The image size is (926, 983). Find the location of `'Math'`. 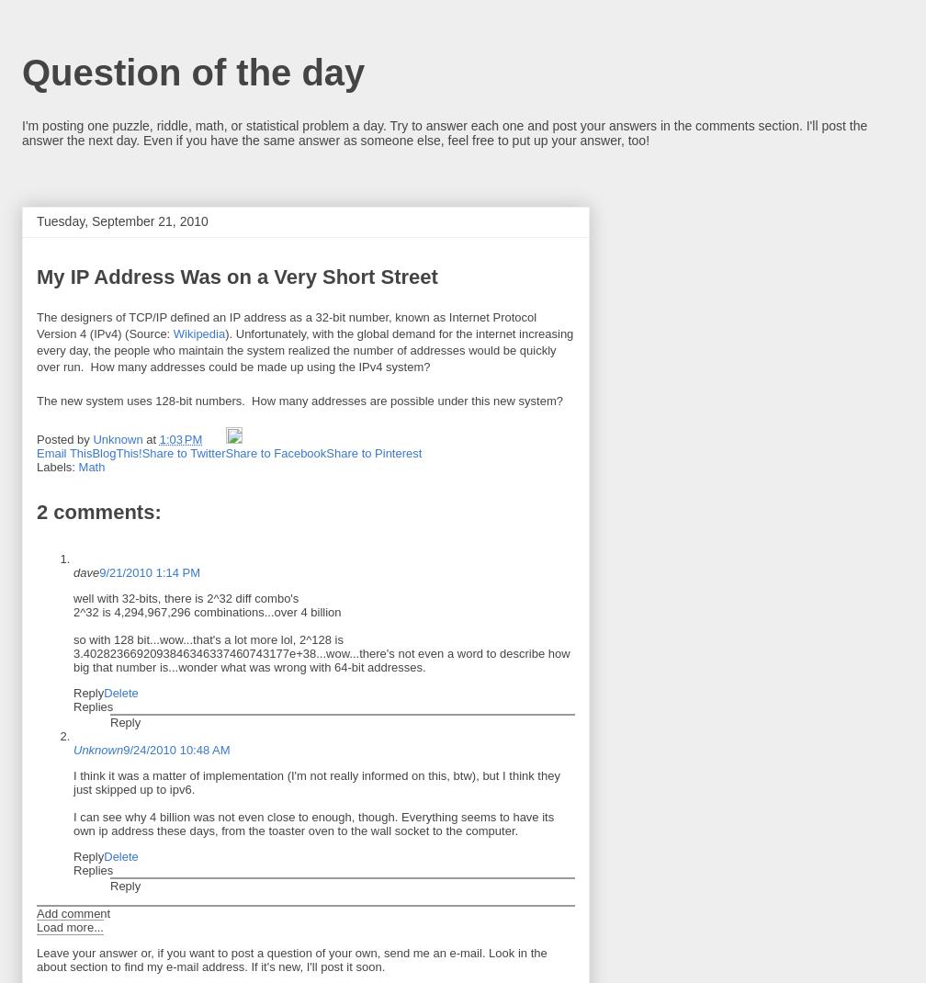

'Math' is located at coordinates (91, 467).